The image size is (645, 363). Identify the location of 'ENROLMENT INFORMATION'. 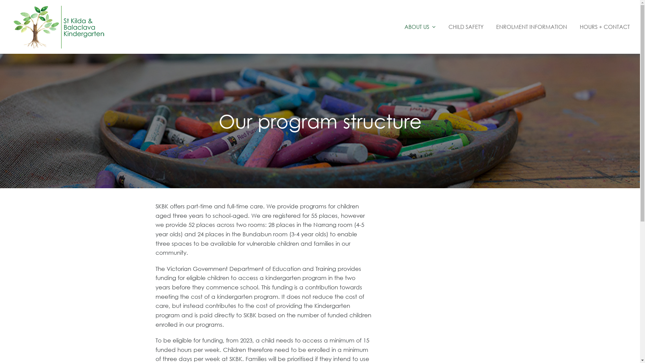
(531, 27).